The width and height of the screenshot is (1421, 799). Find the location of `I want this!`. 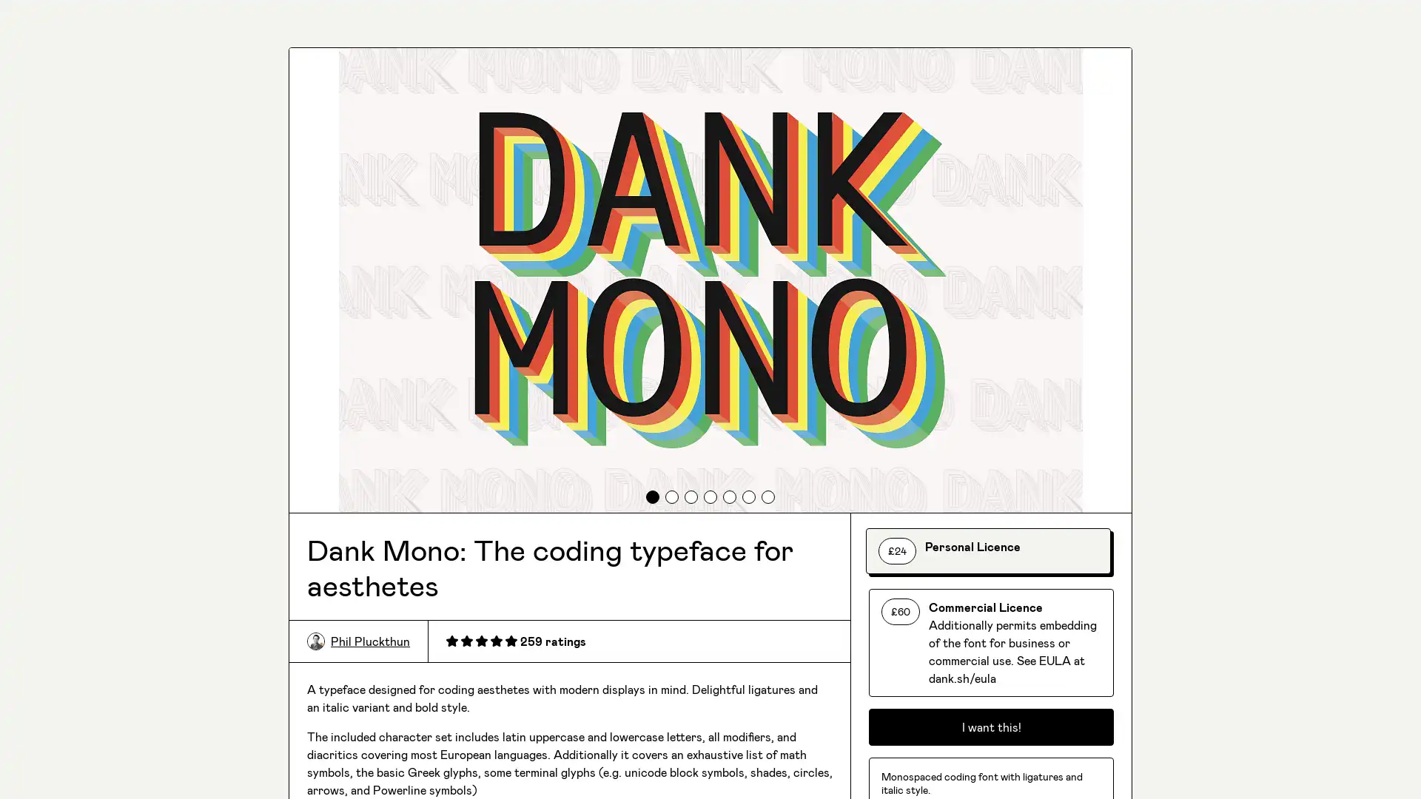

I want this! is located at coordinates (991, 726).